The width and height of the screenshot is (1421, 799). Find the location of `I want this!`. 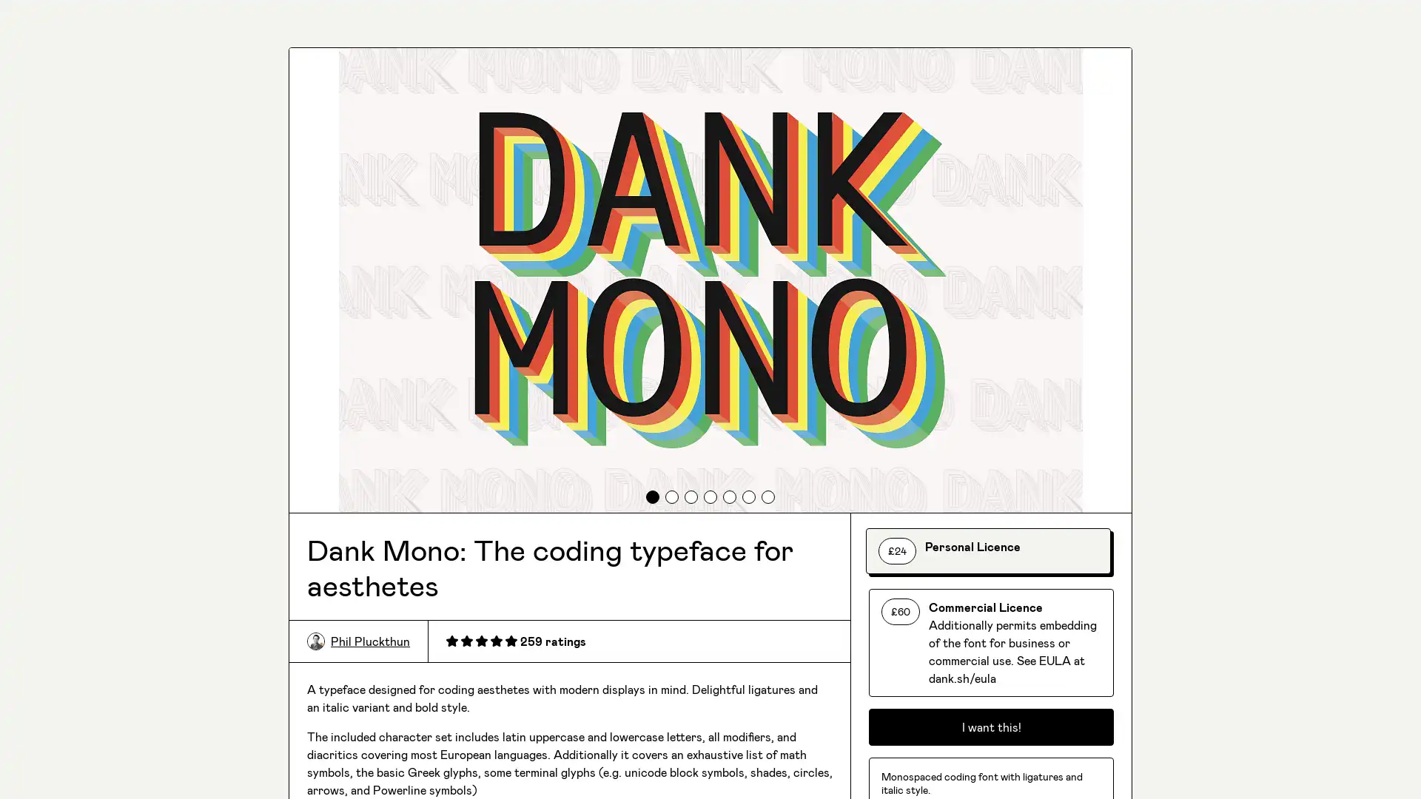

I want this! is located at coordinates (991, 726).